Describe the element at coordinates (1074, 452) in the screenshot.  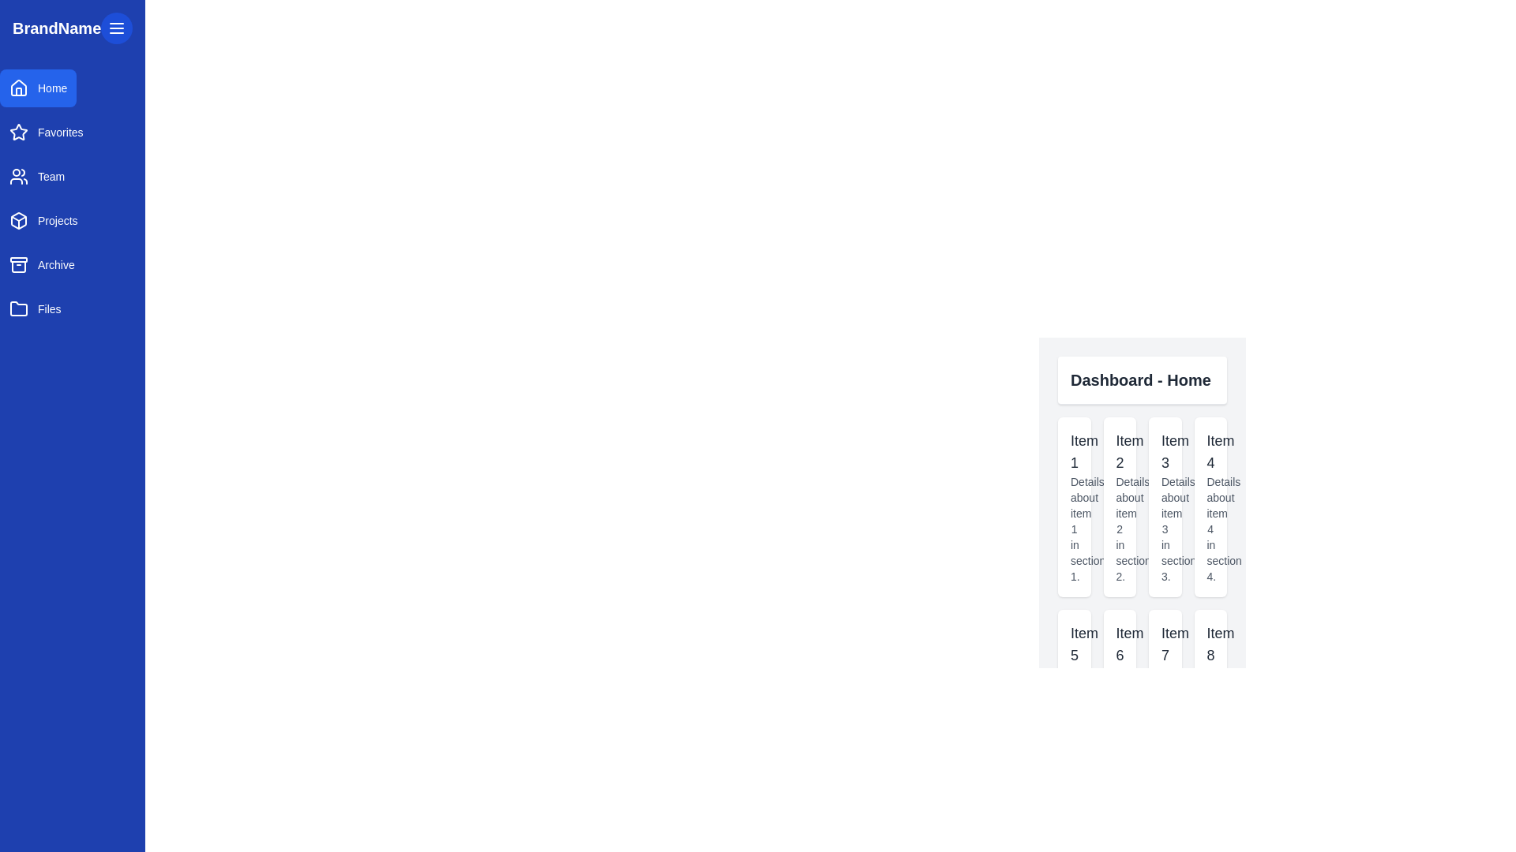
I see `the text label displaying the title 'Item 1'` at that location.